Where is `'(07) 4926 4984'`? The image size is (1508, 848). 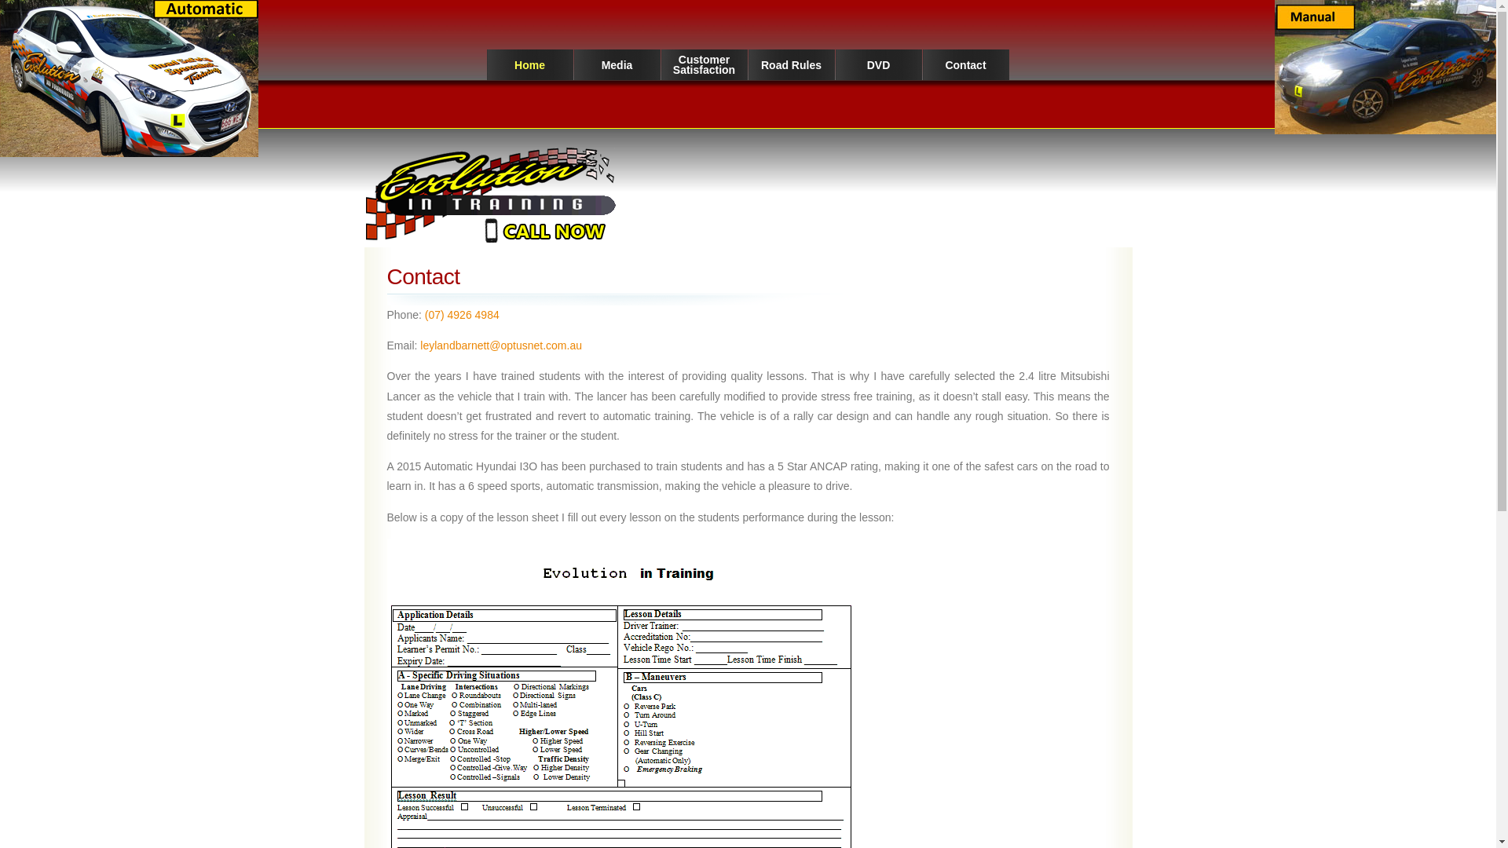 '(07) 4926 4984' is located at coordinates (461, 315).